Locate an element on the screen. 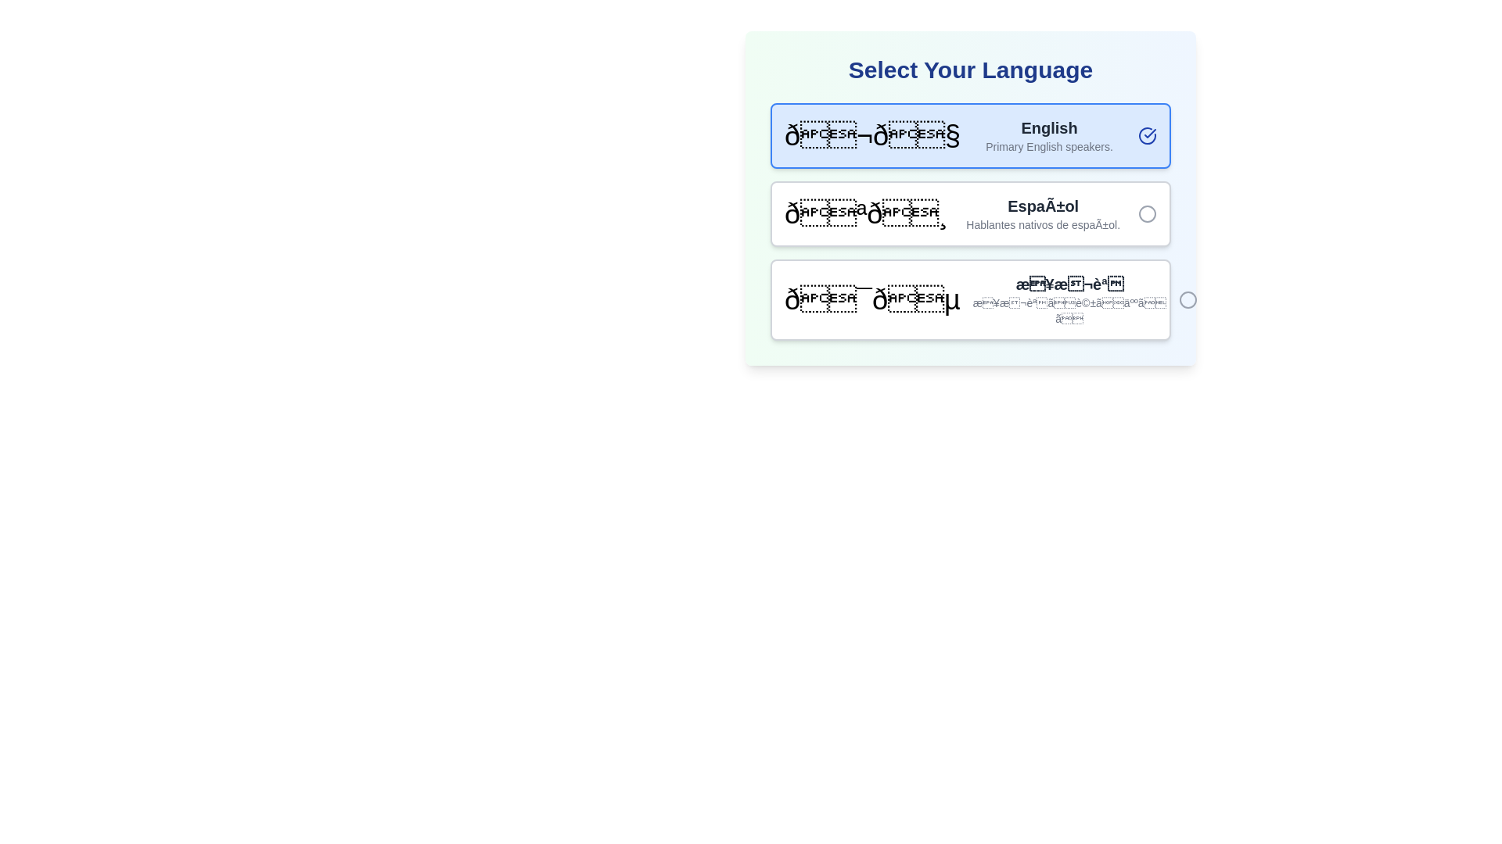 The height and width of the screenshot is (844, 1502). the Spanish language icon or emoji located in the second selectable card of the language selection interface, which is positioned to the left of the text 'Español.' is located at coordinates (865, 213).